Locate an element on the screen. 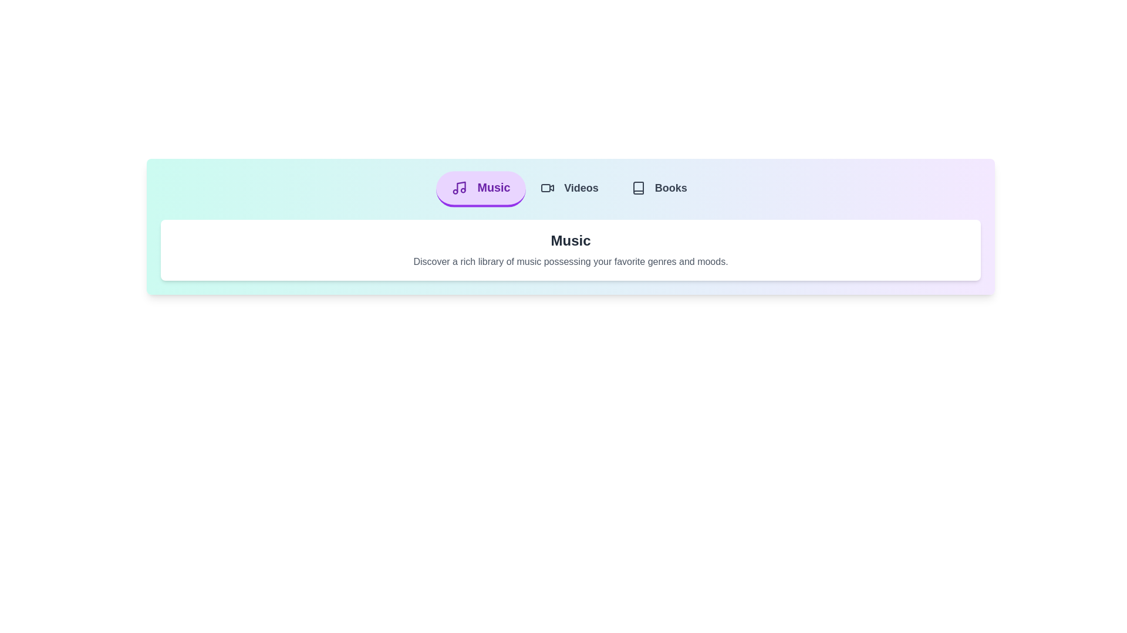  the Books tab is located at coordinates (659, 189).